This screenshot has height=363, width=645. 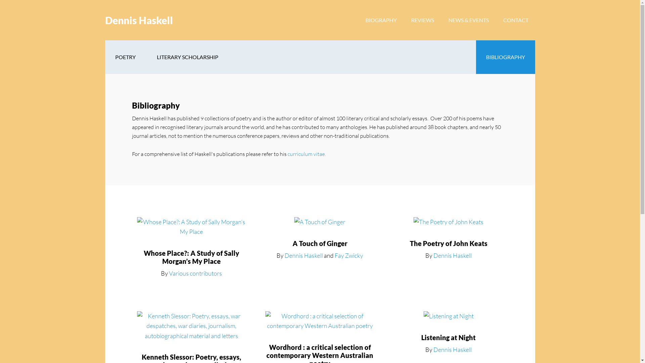 What do you see at coordinates (468, 20) in the screenshot?
I see `'NEWS & EVENTS'` at bounding box center [468, 20].